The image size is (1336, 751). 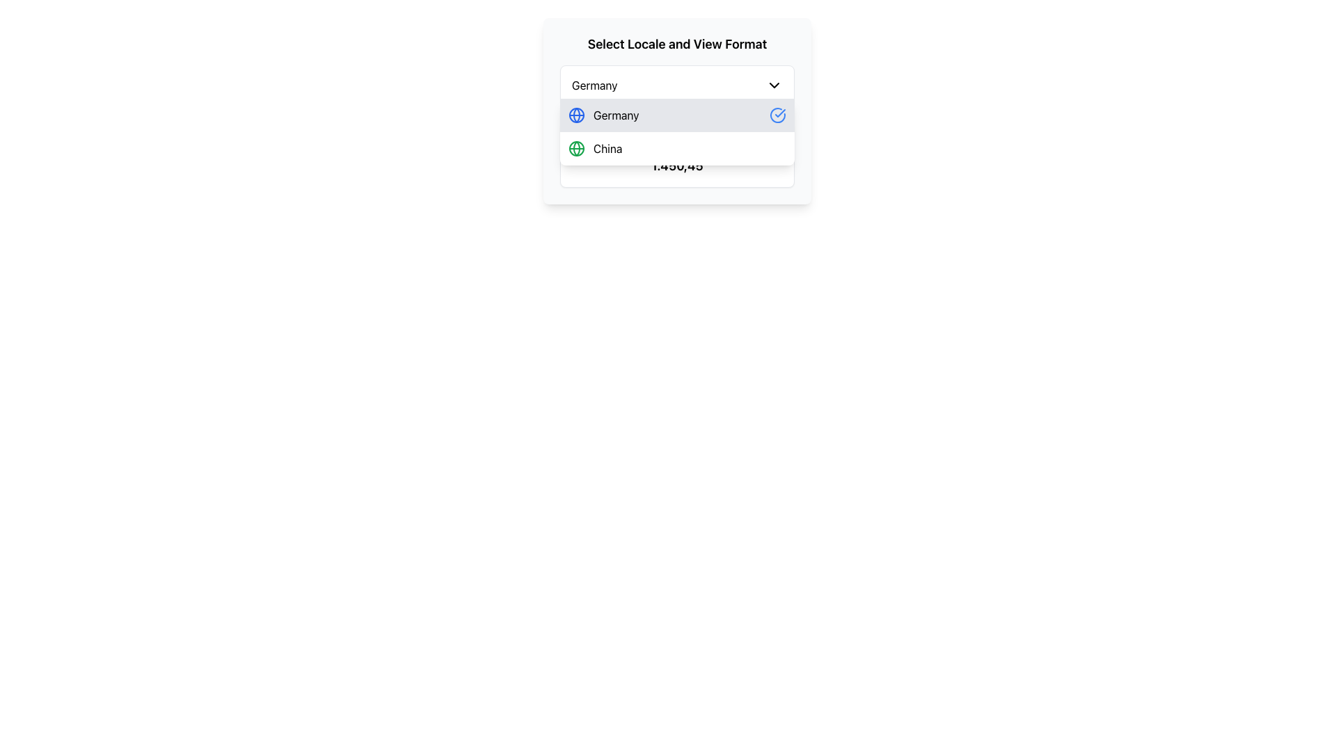 I want to click on the text label 'Germany' located in a dropdown list with a globe icon to its left and a checkmark icon to its right, so click(x=615, y=114).